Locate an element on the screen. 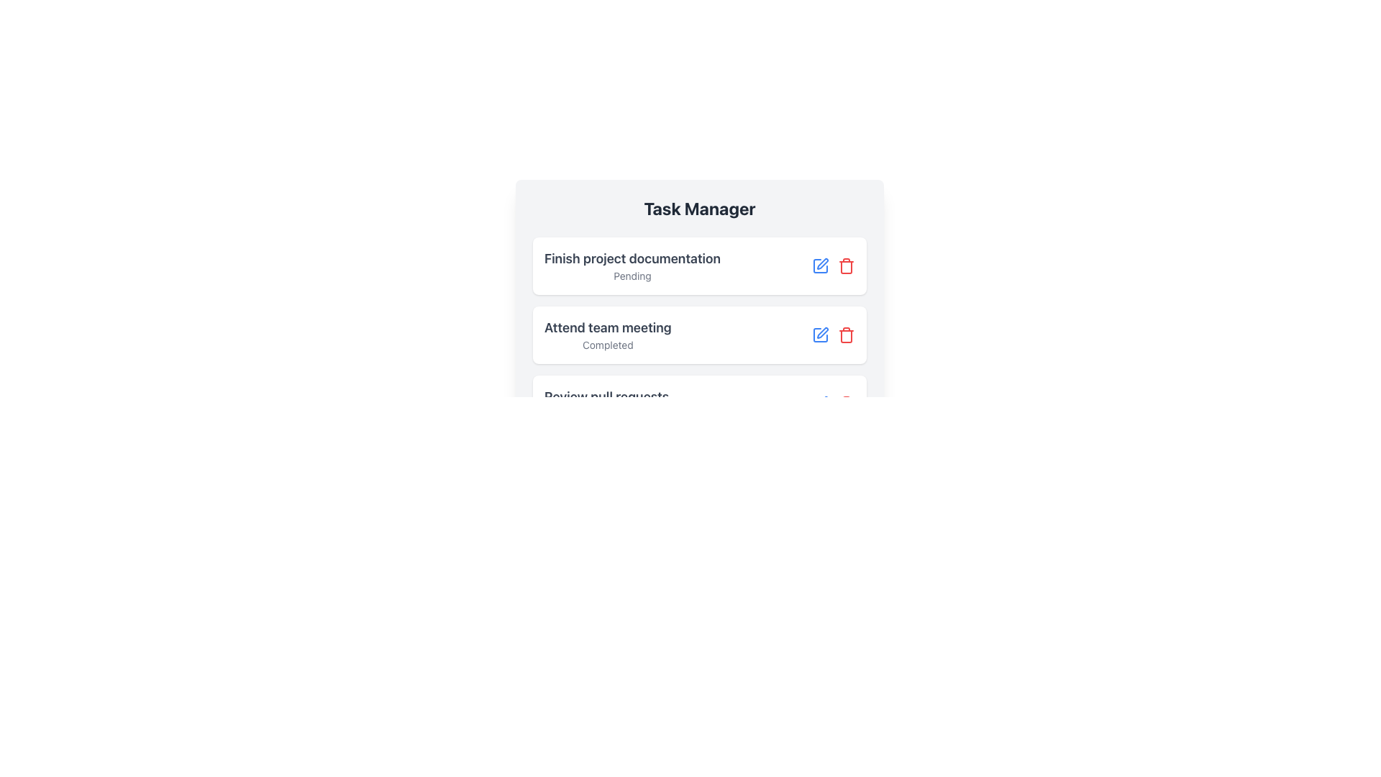 This screenshot has height=777, width=1381. the text label displaying 'Attend team meeting' which is styled with a larger-sized, bold font and a gray color tone, located centrally on the second card in a vertical list of task cards within a 'Task Manager' interface is located at coordinates (608, 327).